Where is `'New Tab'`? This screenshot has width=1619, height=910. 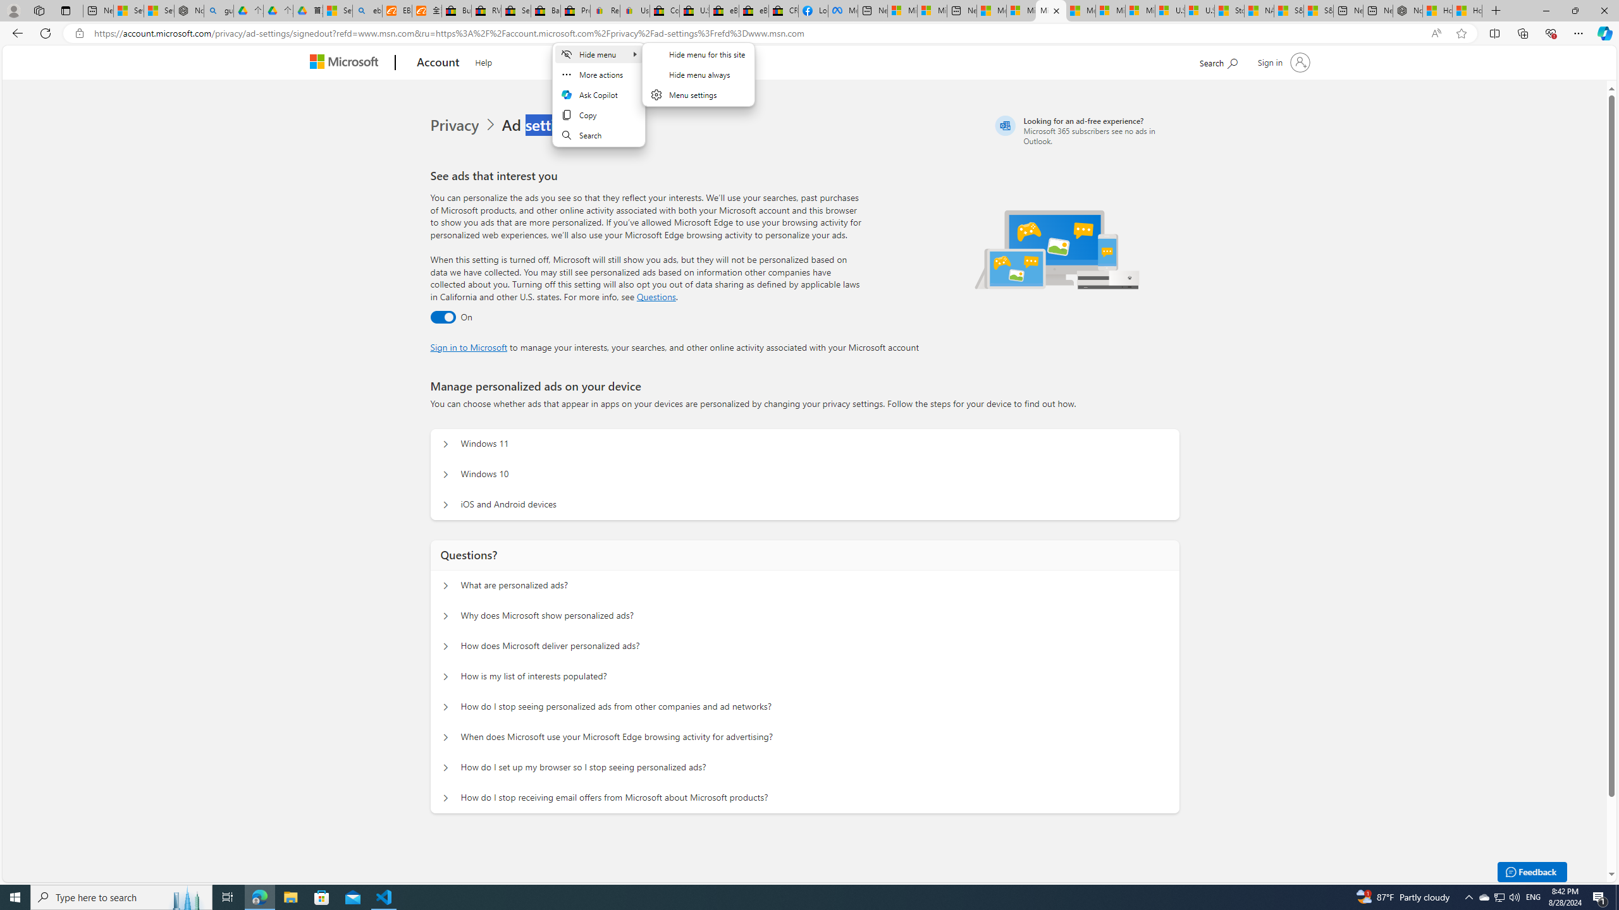
'New Tab' is located at coordinates (1496, 10).